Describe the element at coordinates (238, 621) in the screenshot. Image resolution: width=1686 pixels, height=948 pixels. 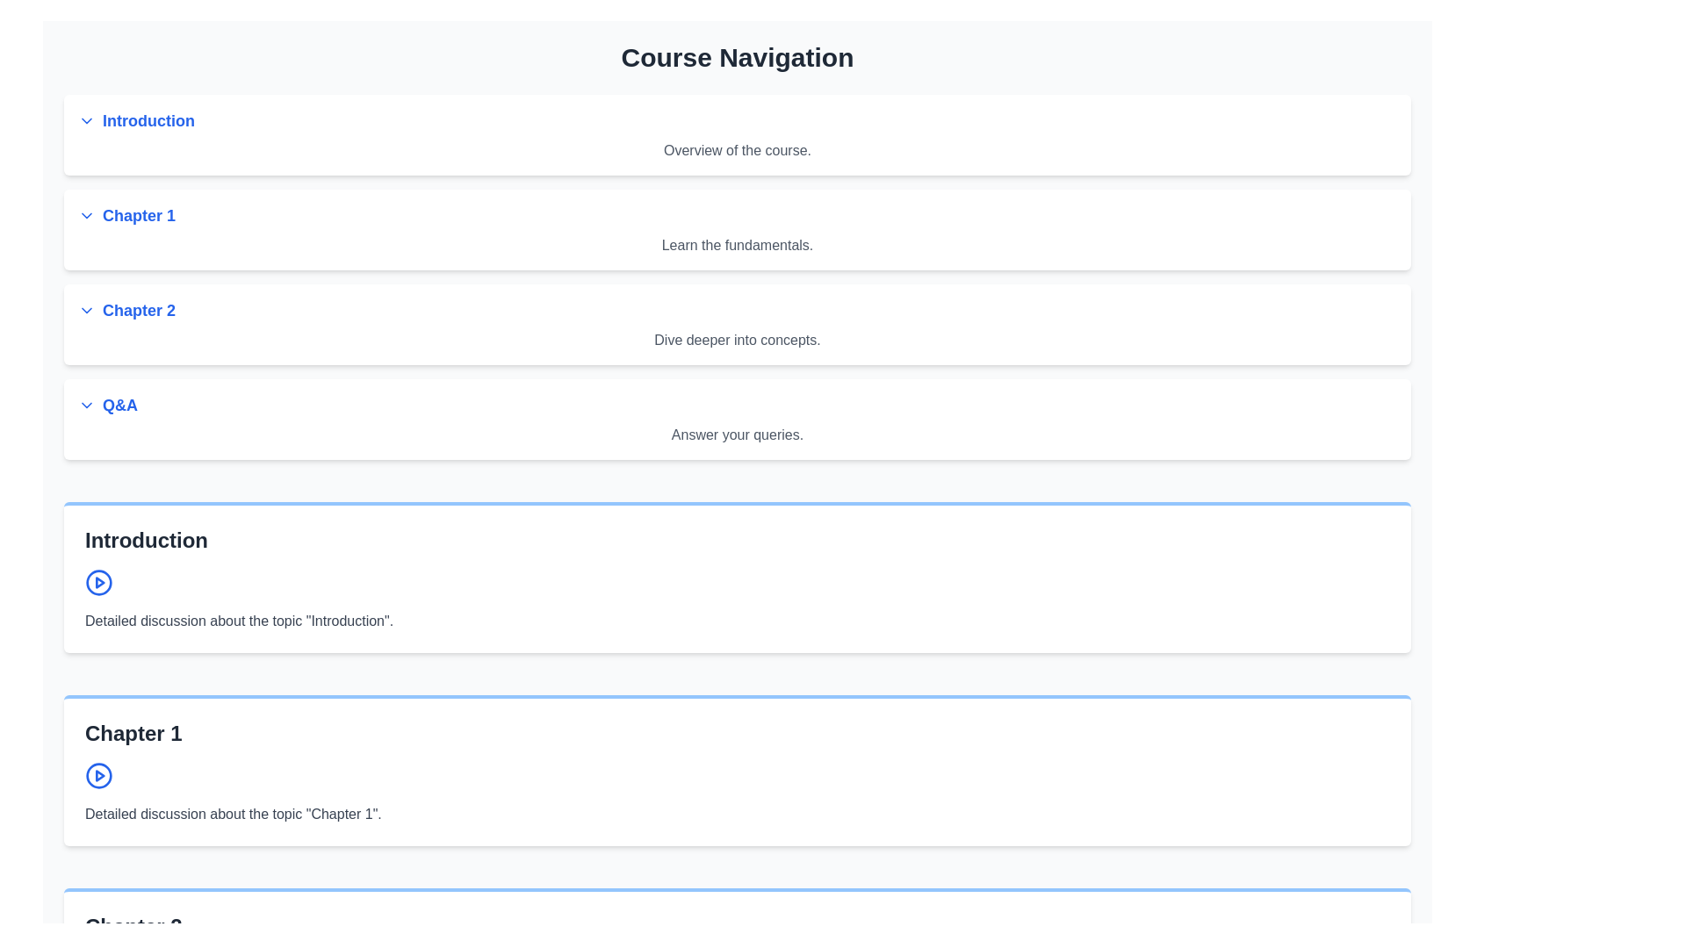
I see `informational text block located beneath the 'Introduction' title and blue circular play button` at that location.